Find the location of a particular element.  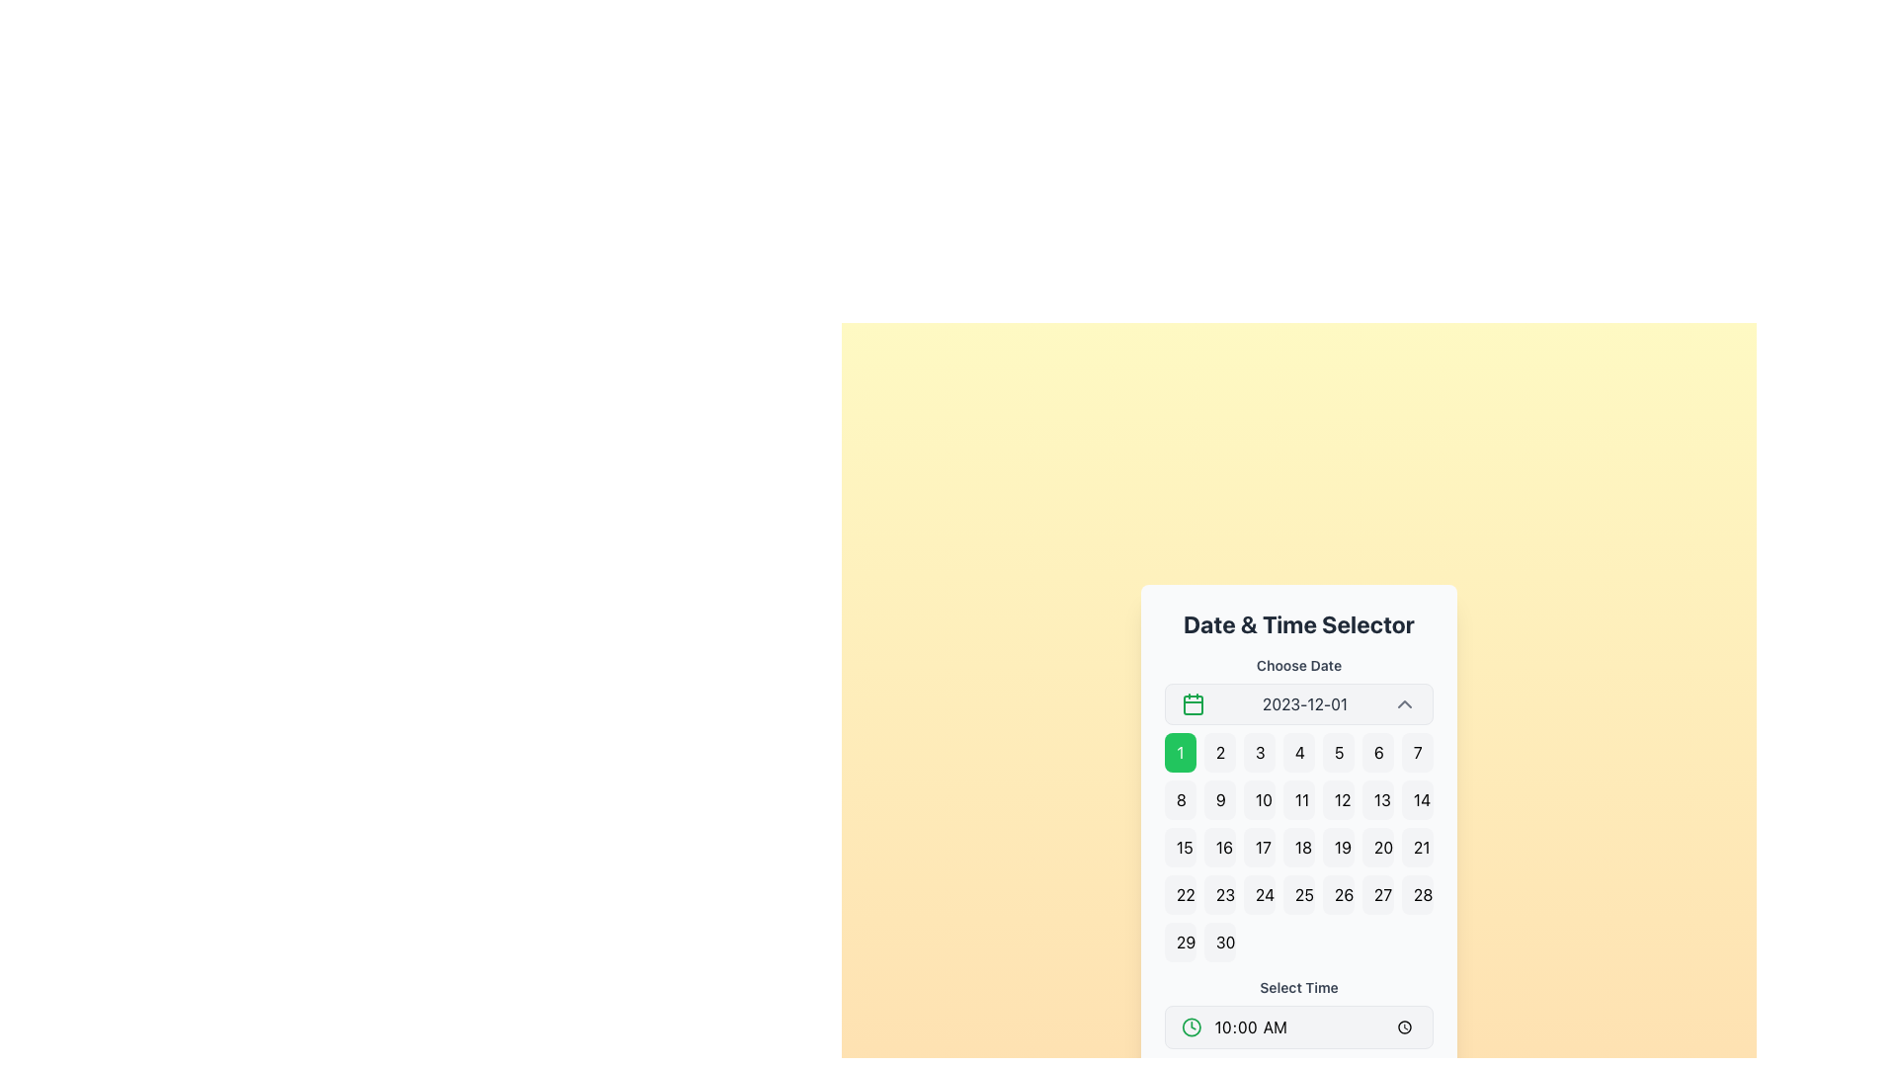

the rounded rectangular button with a light gray background containing the text '28' is located at coordinates (1417, 895).